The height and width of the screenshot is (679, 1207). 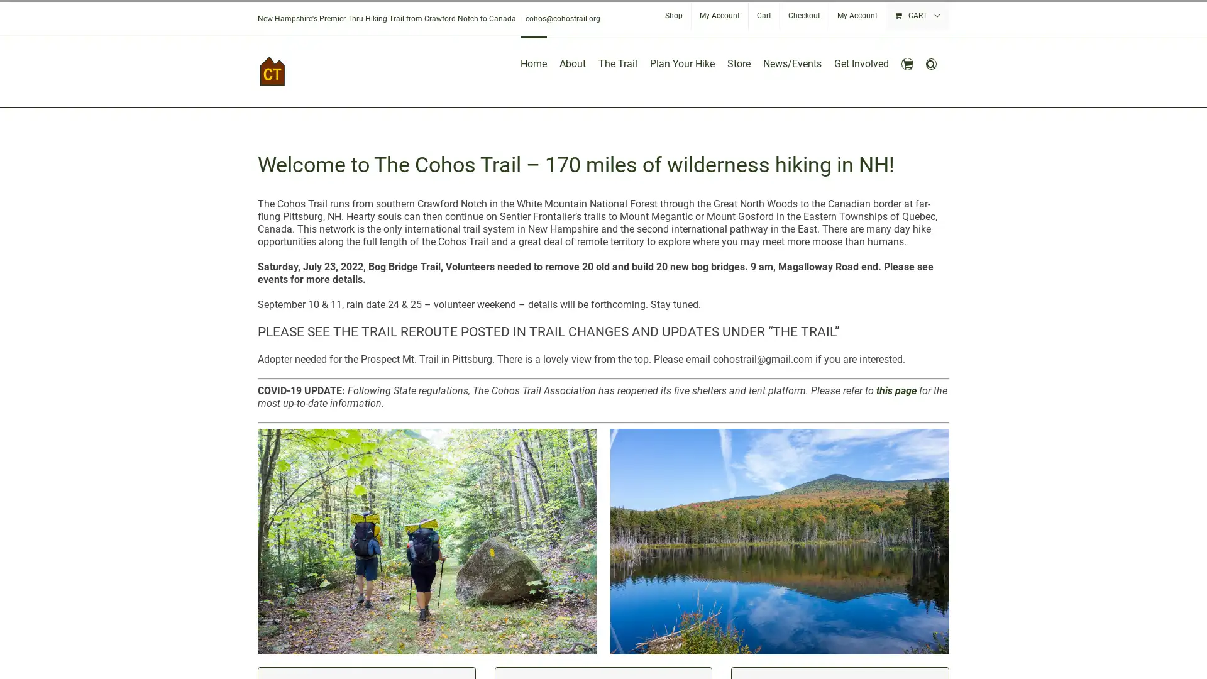 I want to click on Search, so click(x=931, y=63).